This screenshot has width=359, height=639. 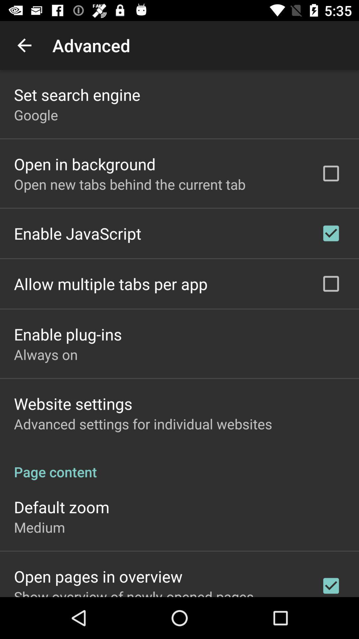 I want to click on enable plug-ins icon, so click(x=68, y=334).